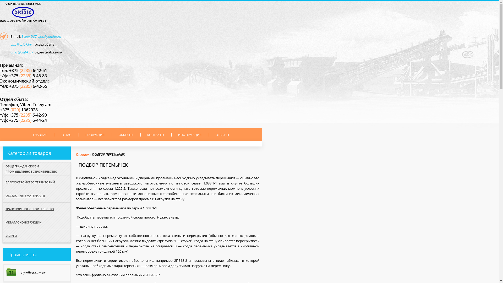 Image resolution: width=503 pixels, height=283 pixels. Describe the element at coordinates (21, 44) in the screenshot. I see `'opp@ozjbk.by'` at that location.